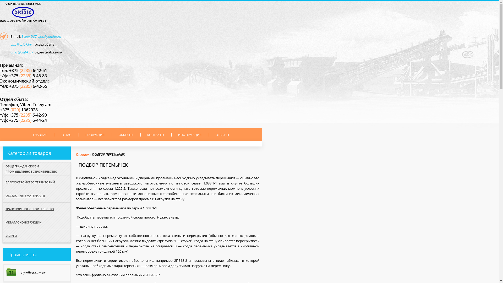 Image resolution: width=503 pixels, height=283 pixels. Describe the element at coordinates (21, 44) in the screenshot. I see `'opp@ozjbk.by'` at that location.